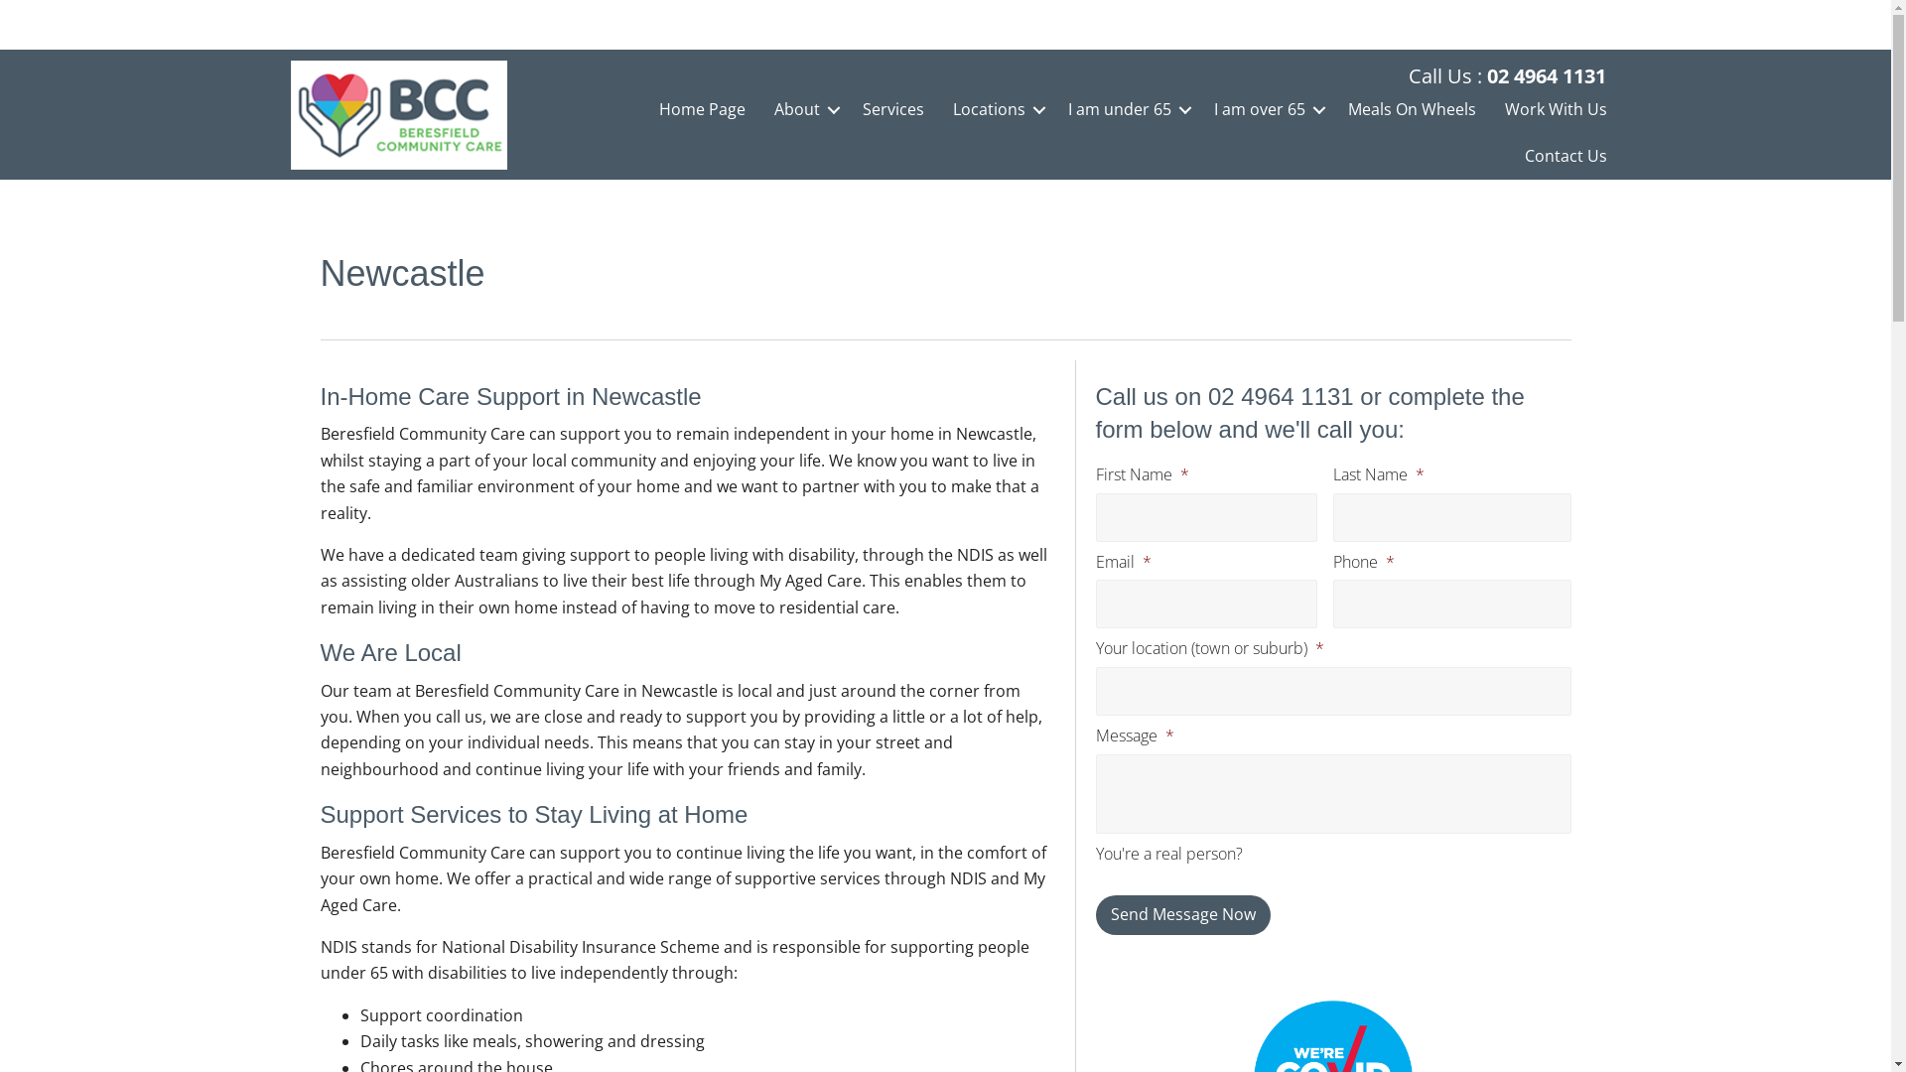 The width and height of the screenshot is (1906, 1072). Describe the element at coordinates (1266, 109) in the screenshot. I see `'I am over 65'` at that location.